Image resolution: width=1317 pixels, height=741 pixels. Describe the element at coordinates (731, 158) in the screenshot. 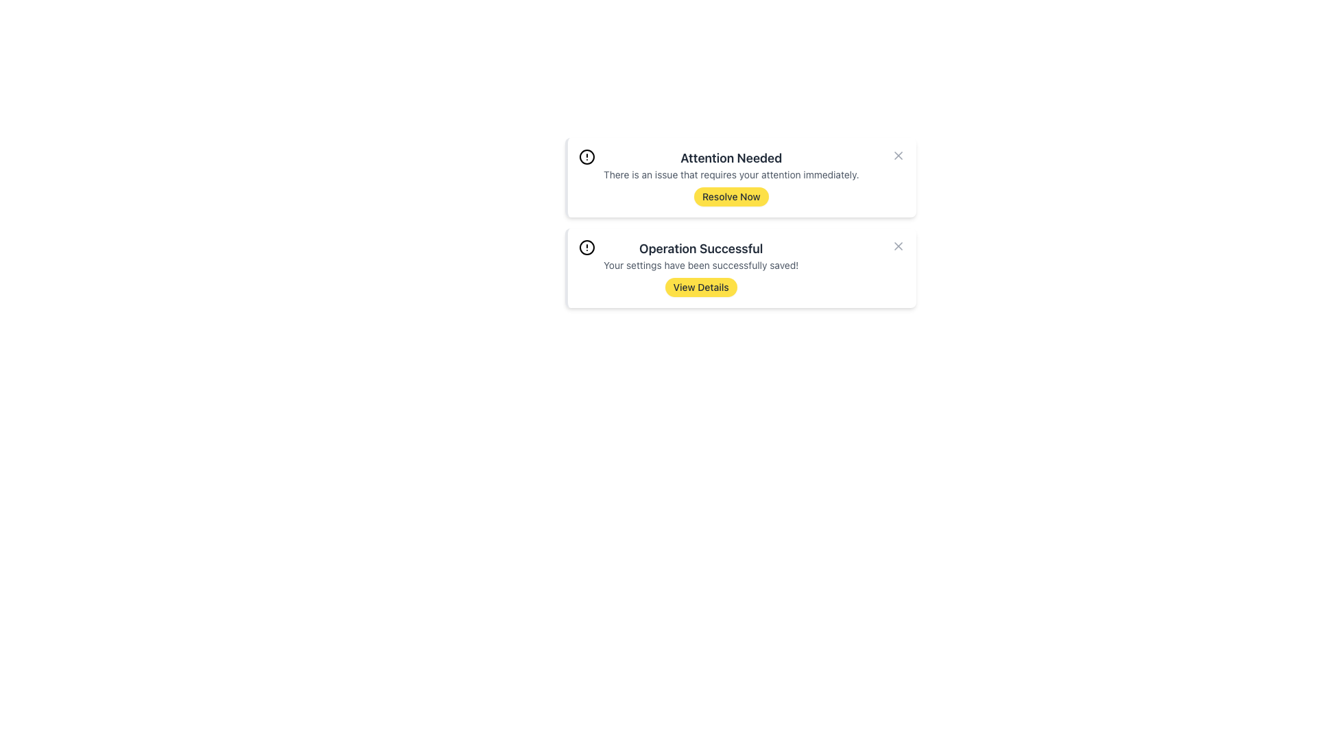

I see `the header text label that indicates an urgent notification requiring immediate user focus` at that location.